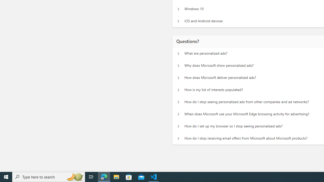 This screenshot has width=324, height=182. I want to click on 'Questions? What are personalized ads?', so click(178, 54).